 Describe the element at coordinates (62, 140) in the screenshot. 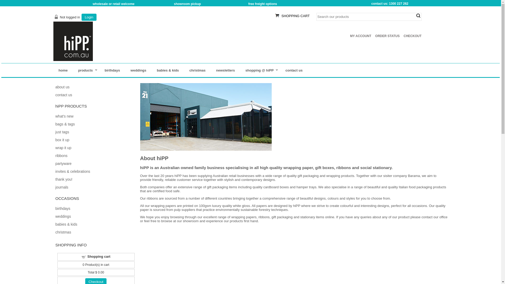

I see `'box it up'` at that location.